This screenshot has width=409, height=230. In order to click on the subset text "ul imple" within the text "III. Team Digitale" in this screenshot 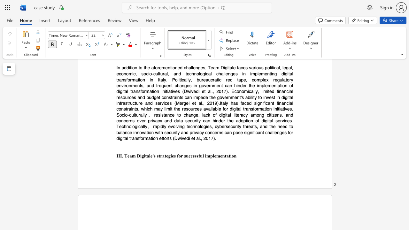, I will do `click(199, 156)`.